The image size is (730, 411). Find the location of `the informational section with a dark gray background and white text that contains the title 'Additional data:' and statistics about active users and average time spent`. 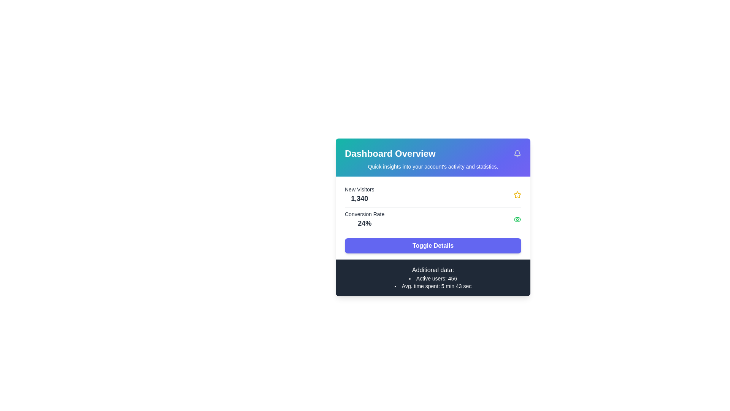

the informational section with a dark gray background and white text that contains the title 'Additional data:' and statistics about active users and average time spent is located at coordinates (433, 277).